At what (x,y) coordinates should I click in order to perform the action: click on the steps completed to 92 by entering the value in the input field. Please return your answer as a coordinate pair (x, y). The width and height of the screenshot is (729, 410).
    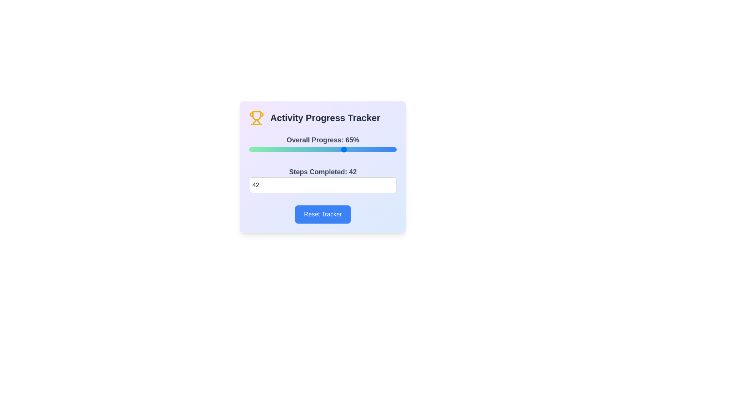
    Looking at the image, I should click on (323, 185).